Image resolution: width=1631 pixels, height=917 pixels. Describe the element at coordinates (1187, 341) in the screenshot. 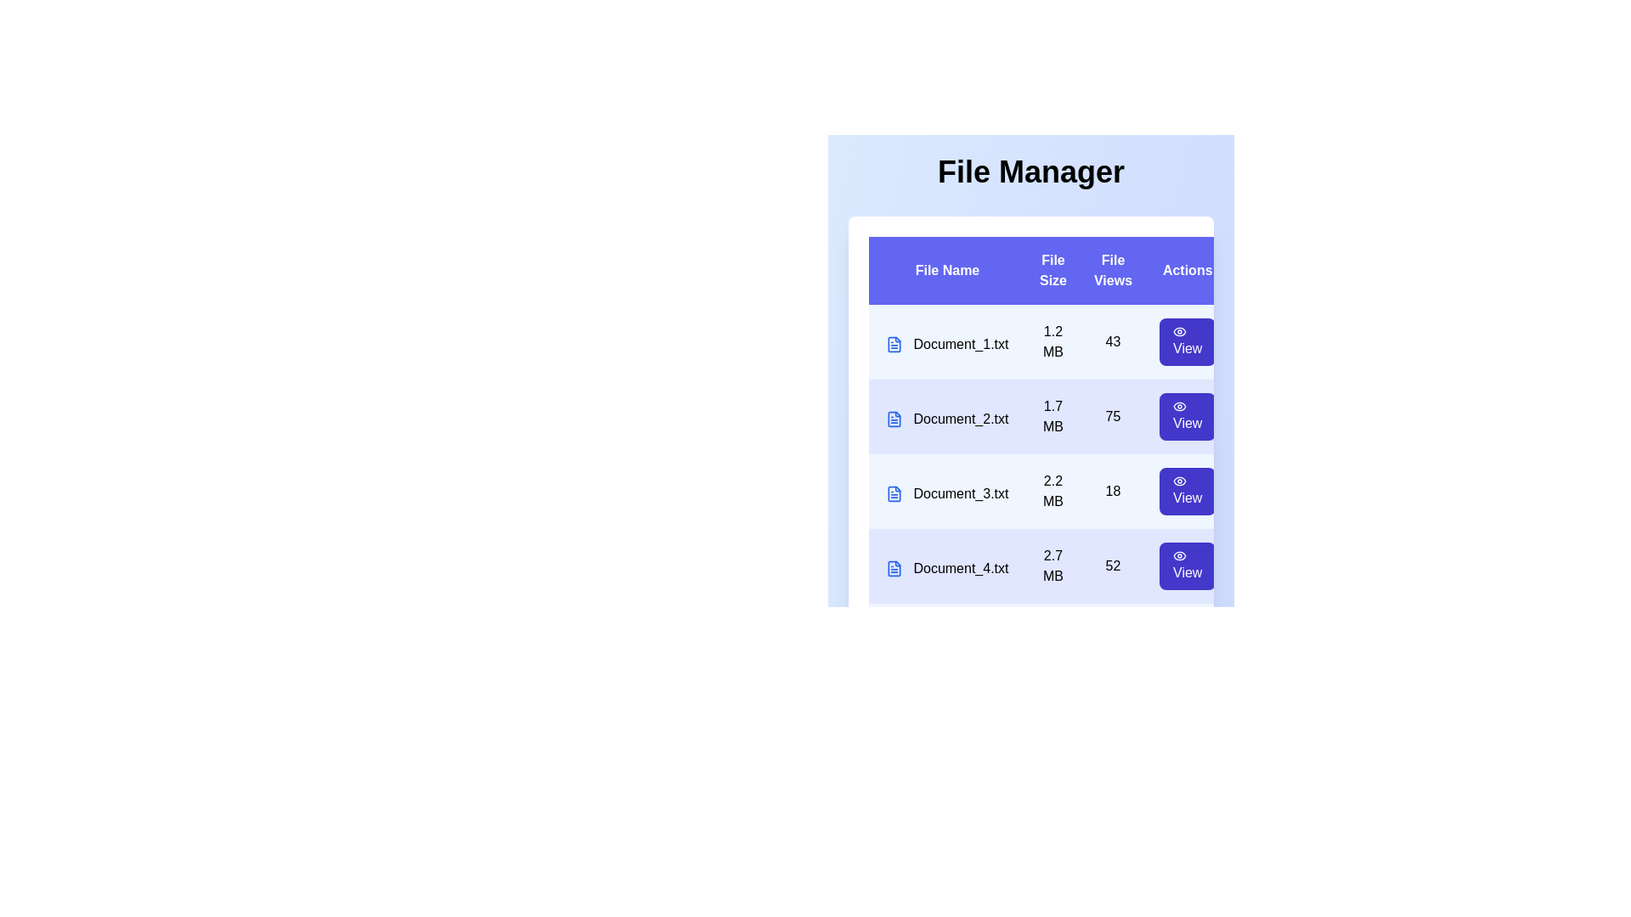

I see `the 'View' button corresponding to the file with name Document_1.txt` at that location.